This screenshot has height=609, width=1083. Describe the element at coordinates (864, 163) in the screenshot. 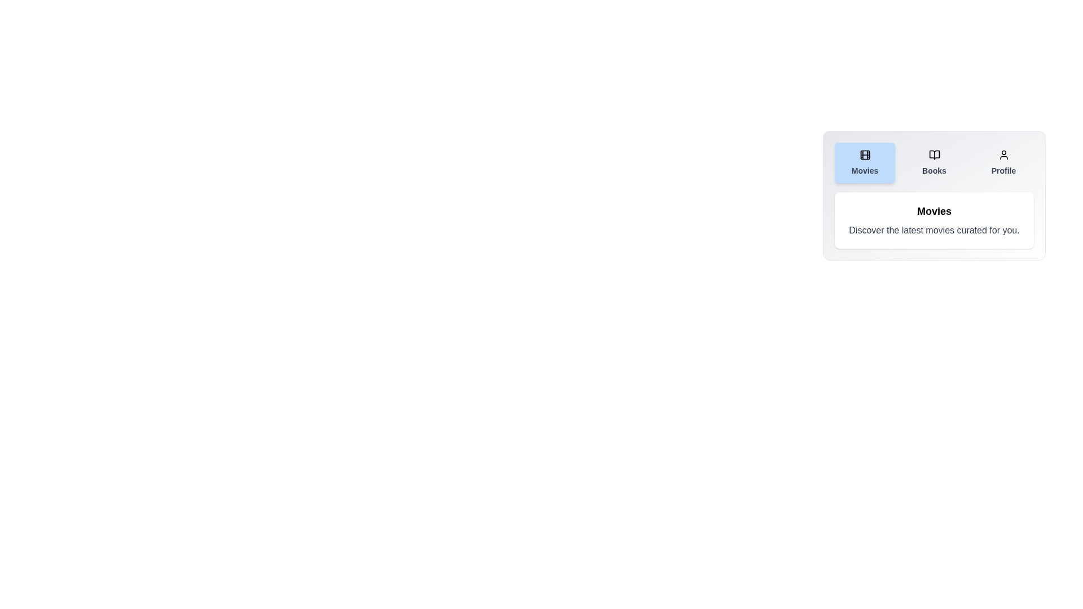

I see `the Movies tab` at that location.